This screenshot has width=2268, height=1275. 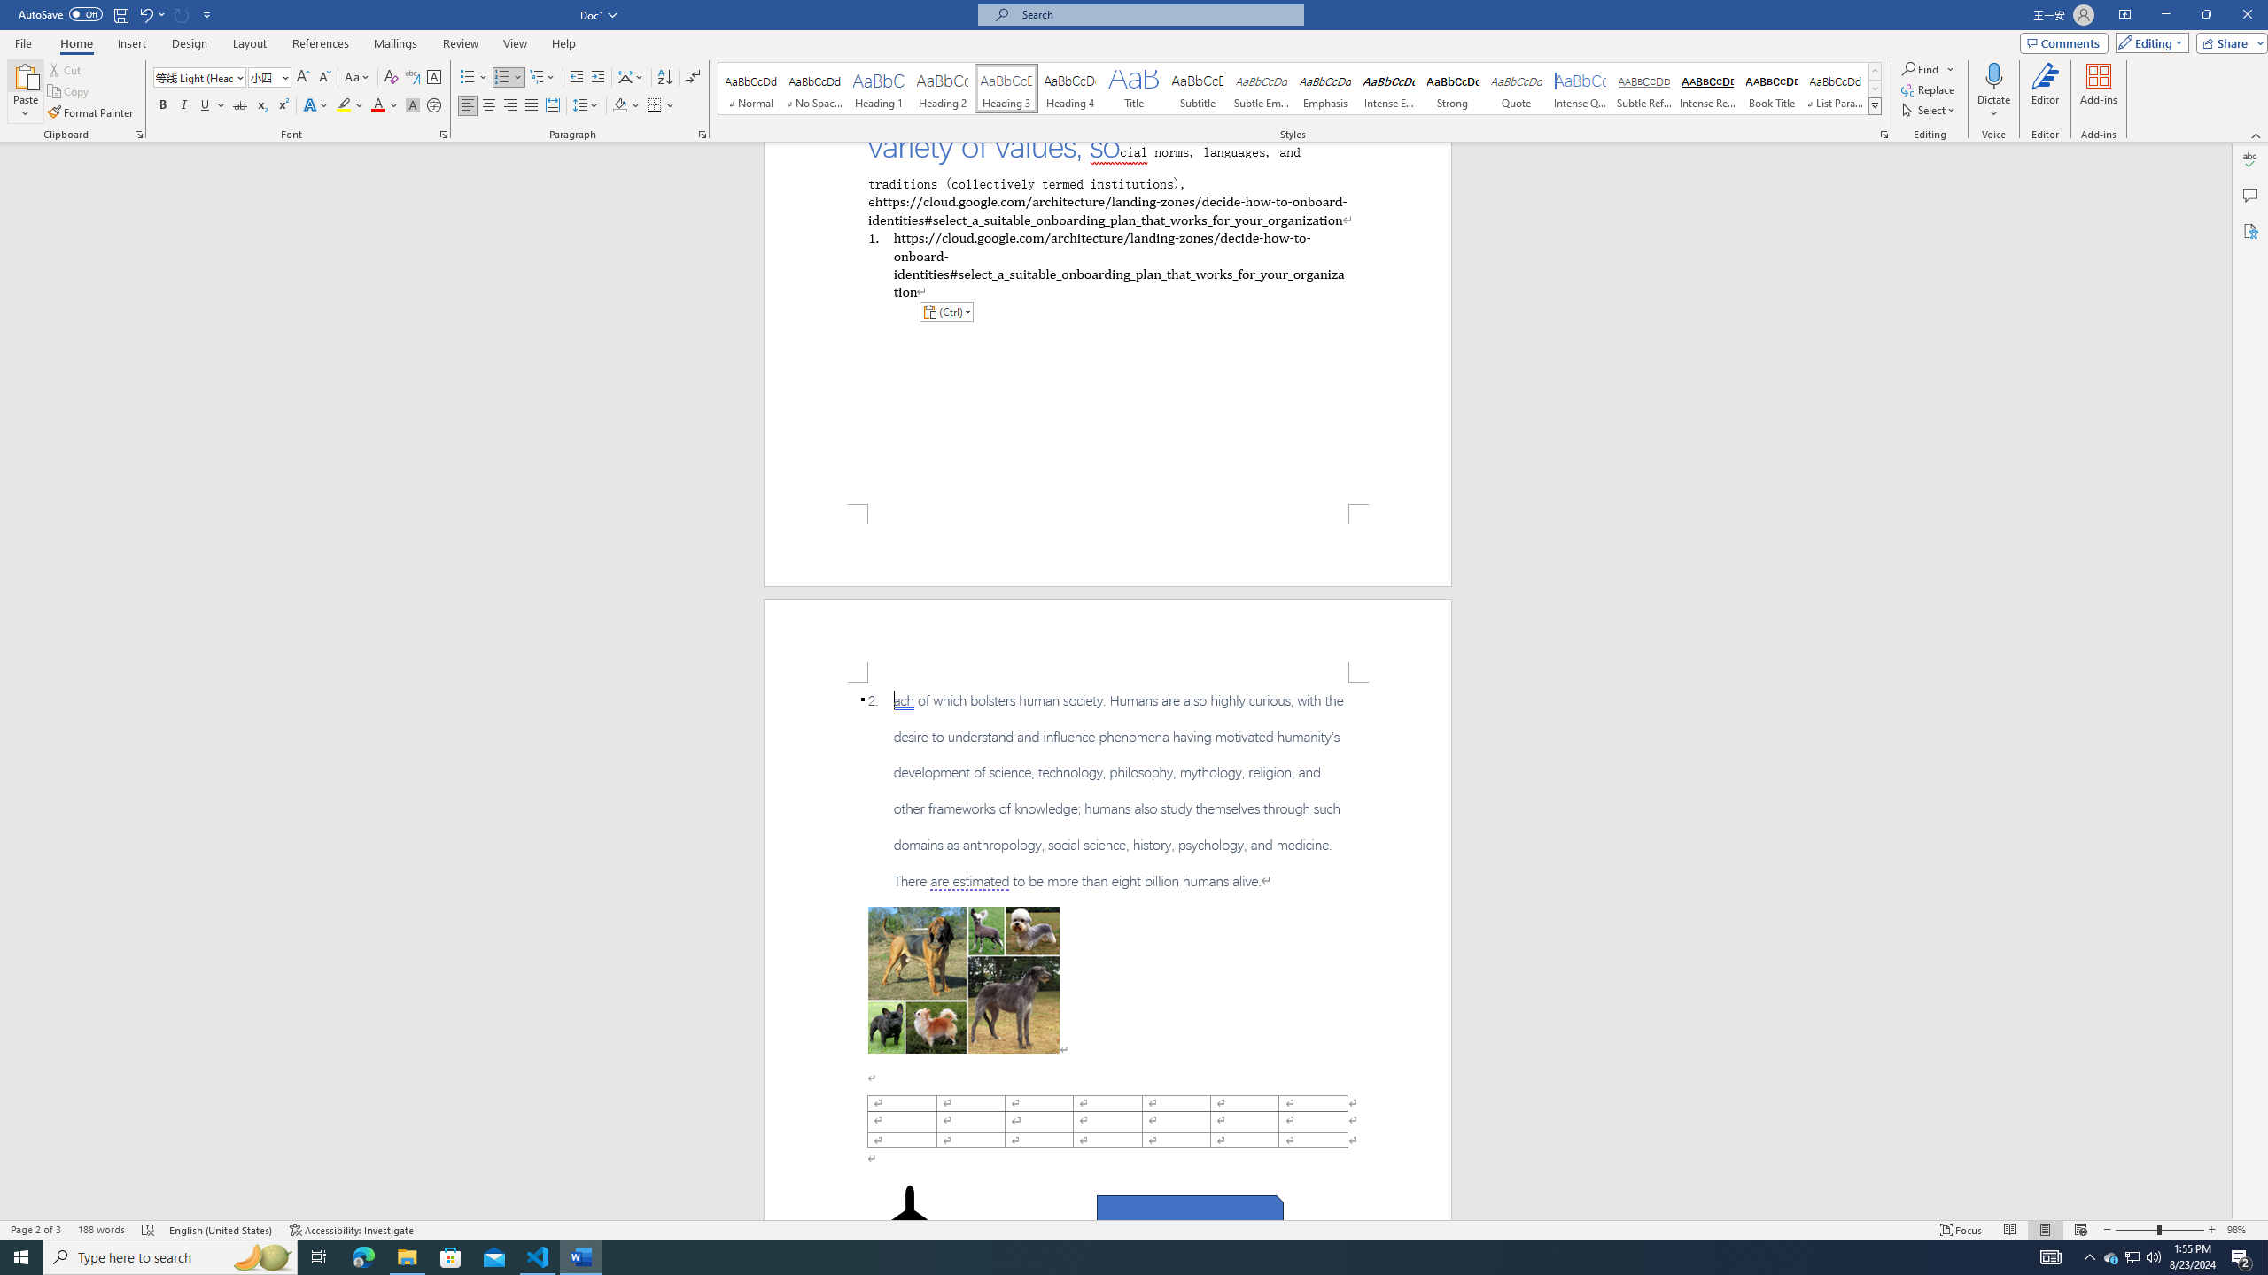 I want to click on 'Footer -Section 1-', so click(x=1107, y=544).